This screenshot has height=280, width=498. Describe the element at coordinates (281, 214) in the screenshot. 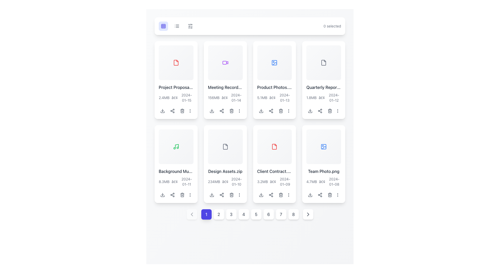

I see `the button styled as a white square with rounded corners containing the number '7' in gray text` at that location.